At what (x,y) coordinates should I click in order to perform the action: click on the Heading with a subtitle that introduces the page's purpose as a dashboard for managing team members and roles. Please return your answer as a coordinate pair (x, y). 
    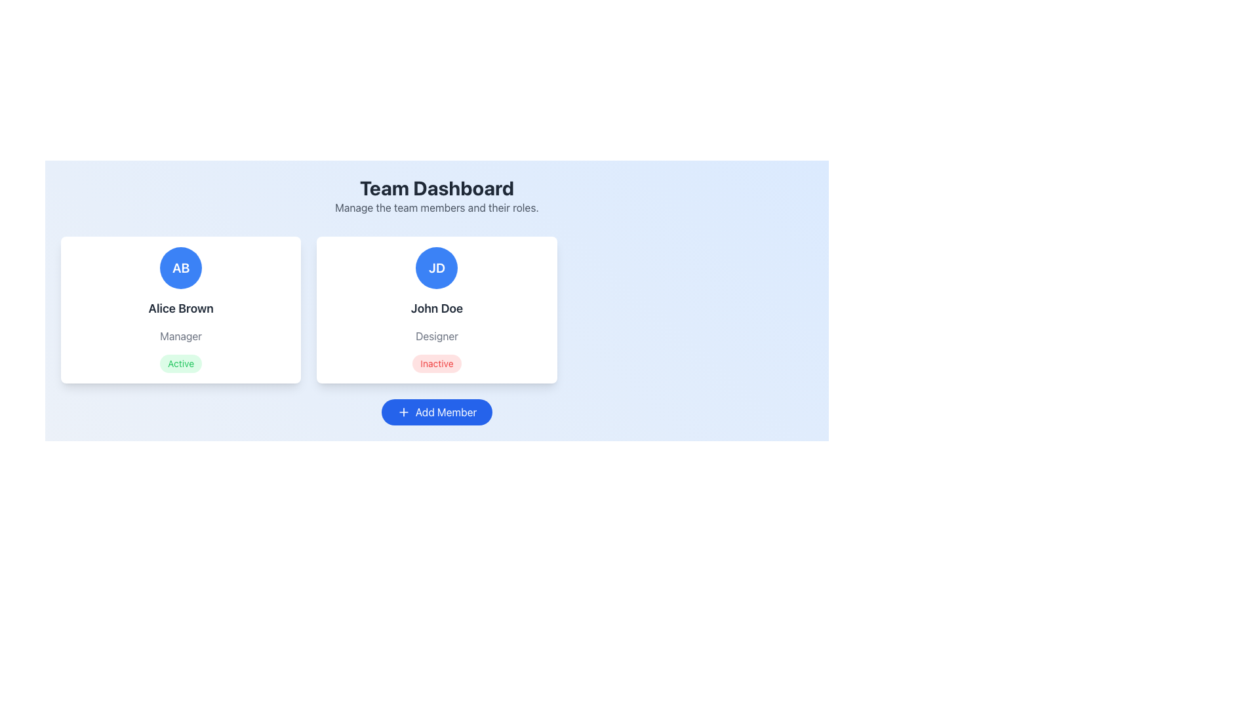
    Looking at the image, I should click on (437, 196).